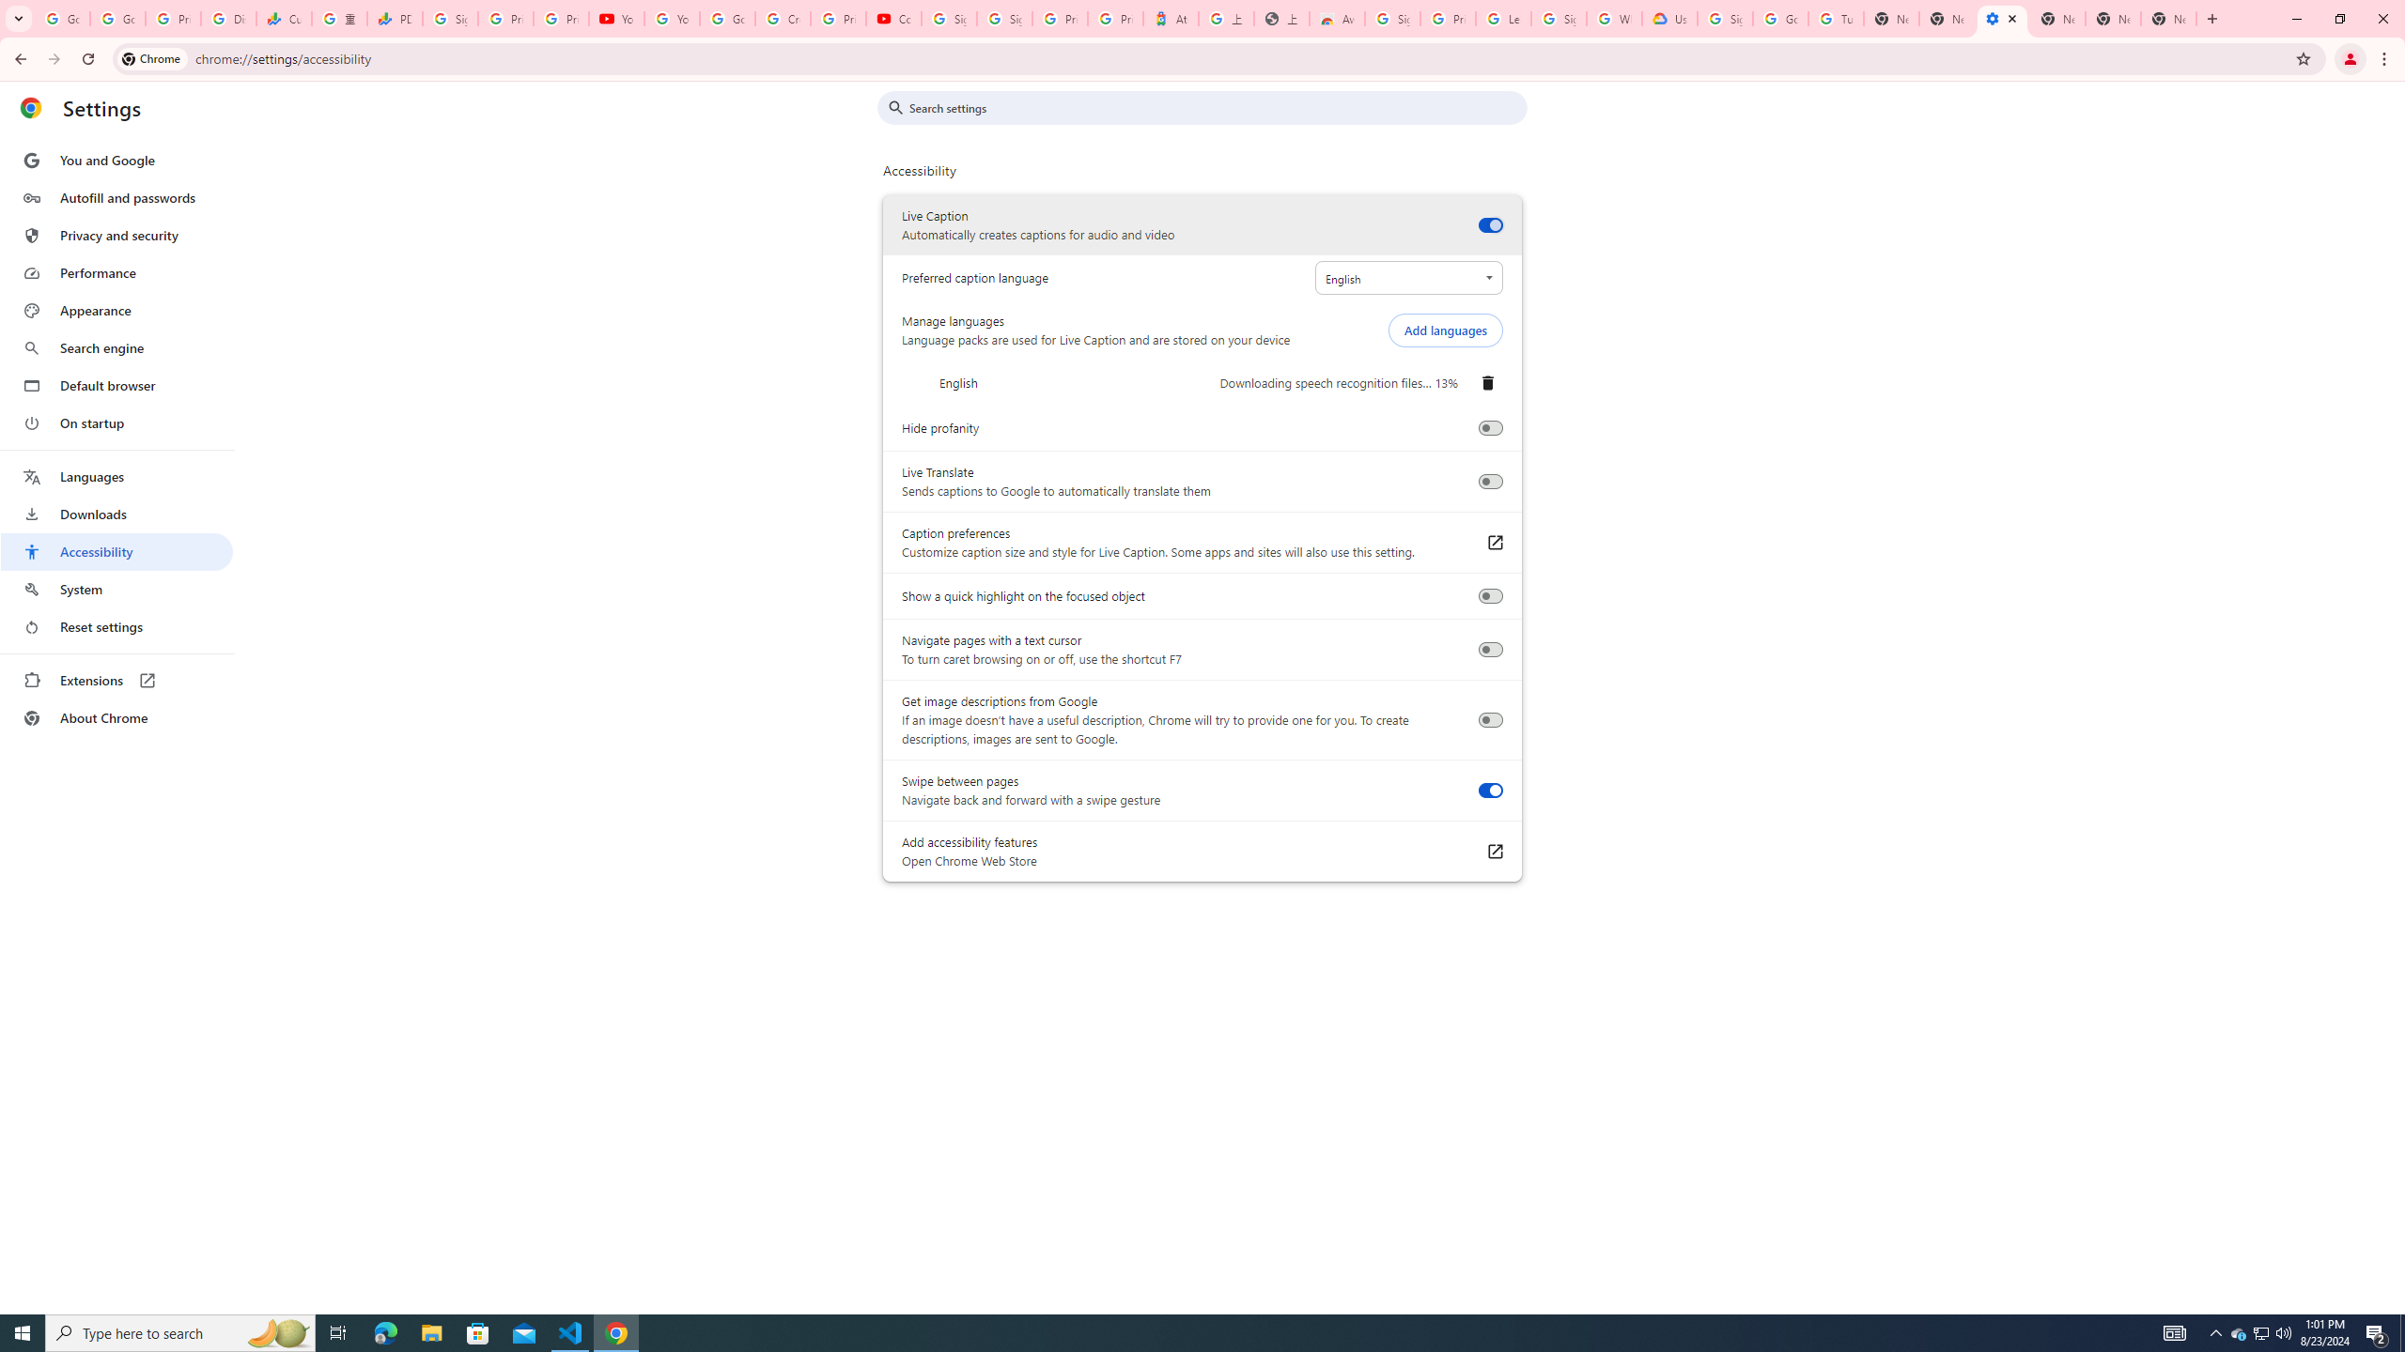  I want to click on 'Google Account Help', so click(1778, 18).